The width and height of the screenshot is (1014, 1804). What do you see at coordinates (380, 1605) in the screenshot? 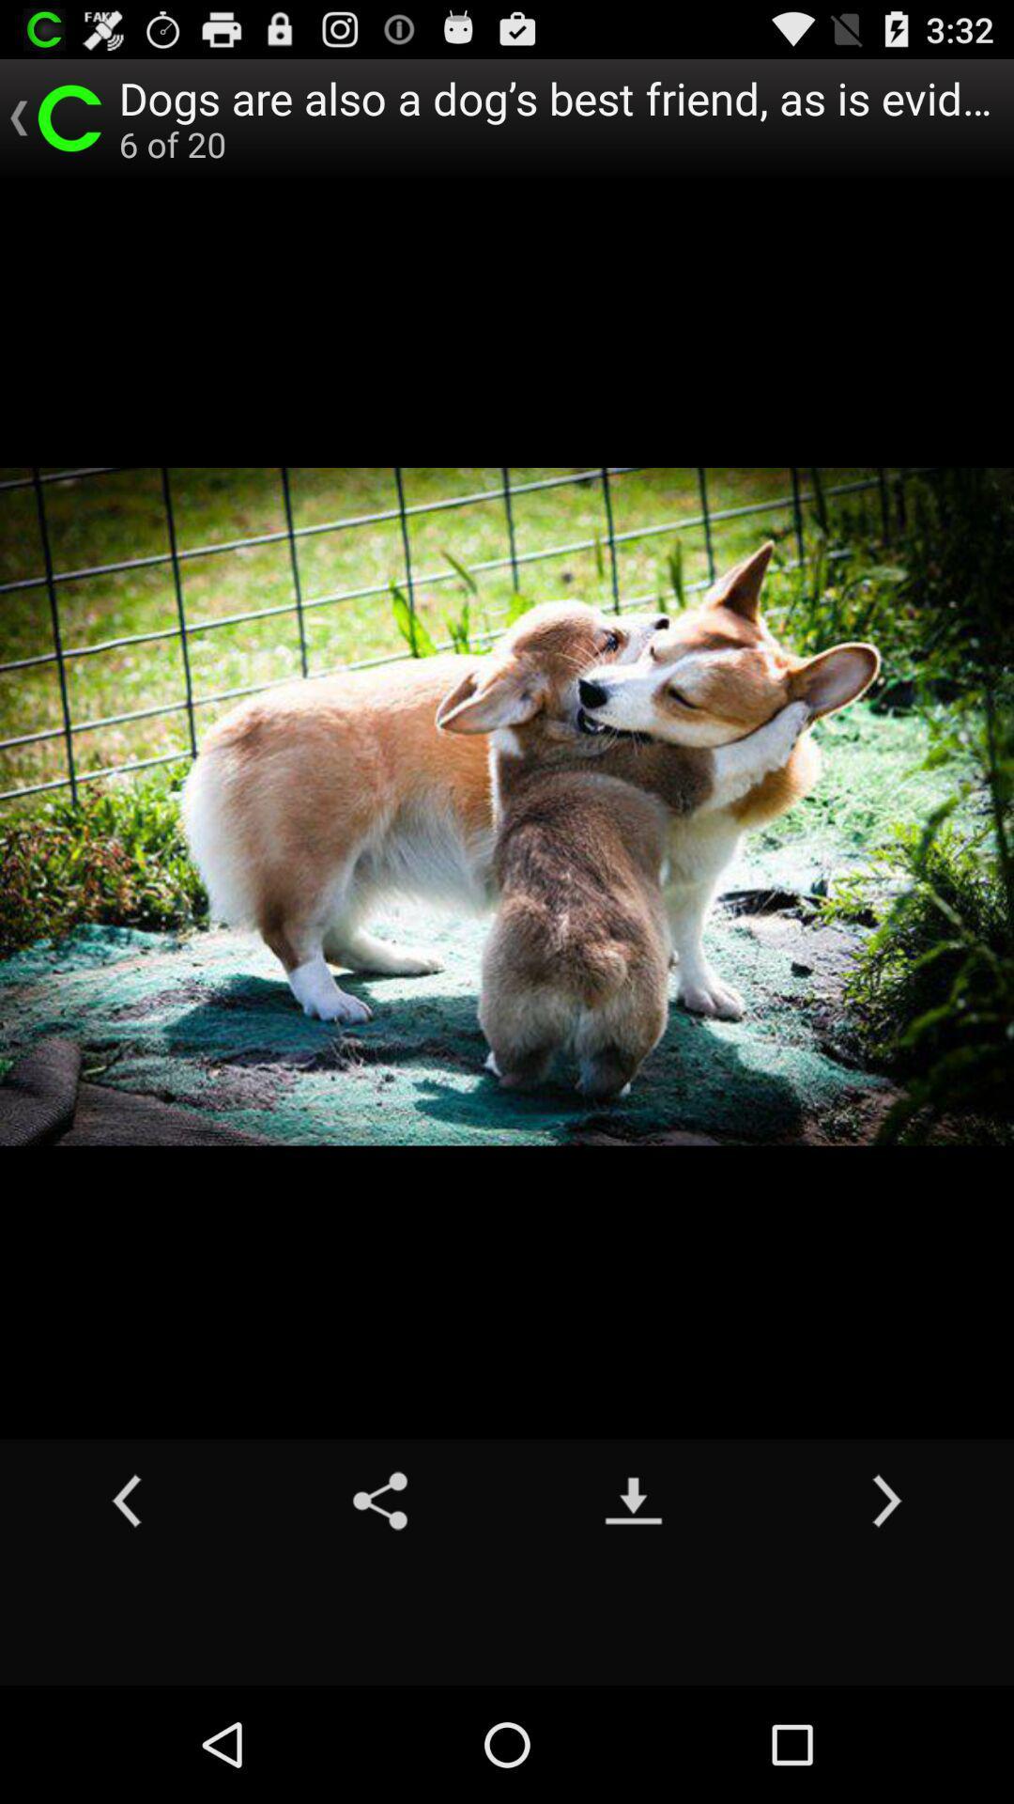
I see `the share icon` at bounding box center [380, 1605].